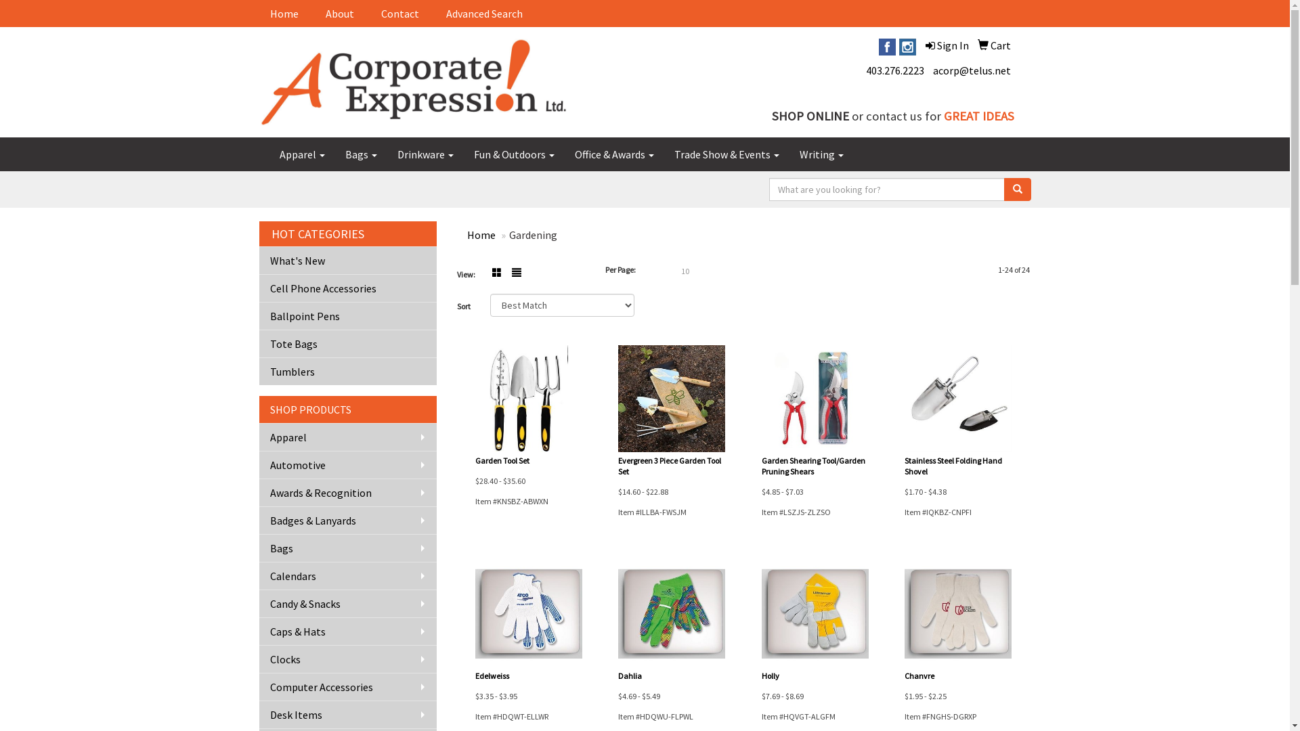 The width and height of the screenshot is (1300, 731). I want to click on 'Cart', so click(994, 44).